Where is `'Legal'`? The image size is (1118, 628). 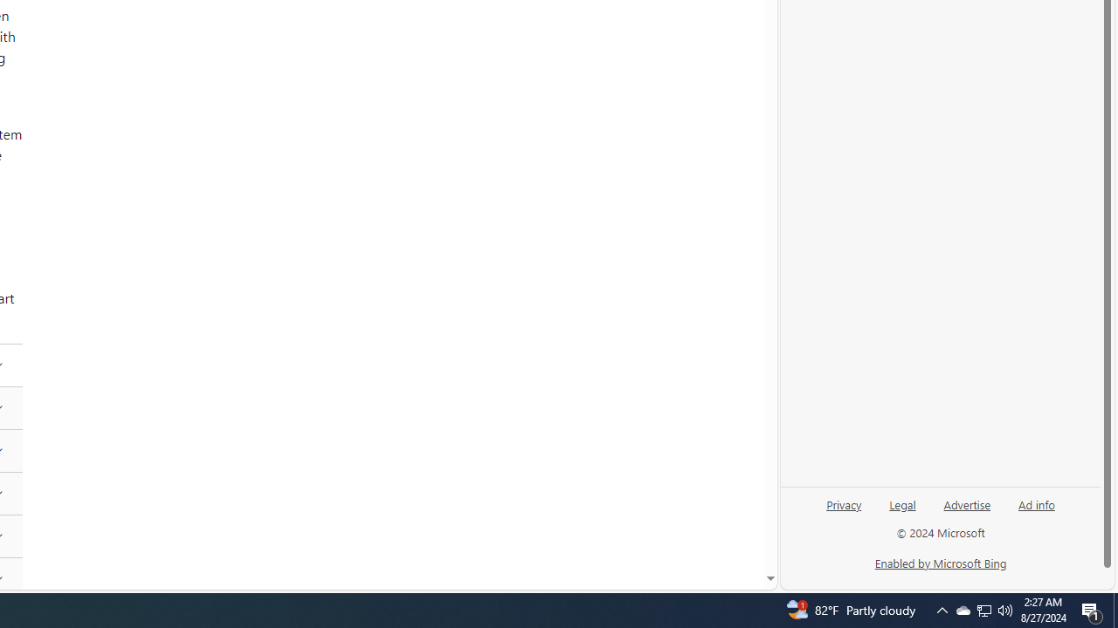
'Legal' is located at coordinates (902, 503).